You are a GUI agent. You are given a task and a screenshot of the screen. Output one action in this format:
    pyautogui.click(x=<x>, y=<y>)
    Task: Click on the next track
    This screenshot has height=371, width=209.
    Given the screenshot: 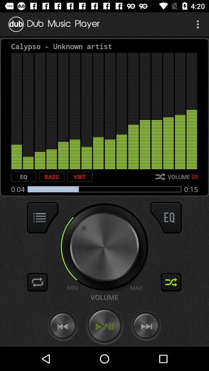 What is the action you would take?
    pyautogui.click(x=146, y=326)
    